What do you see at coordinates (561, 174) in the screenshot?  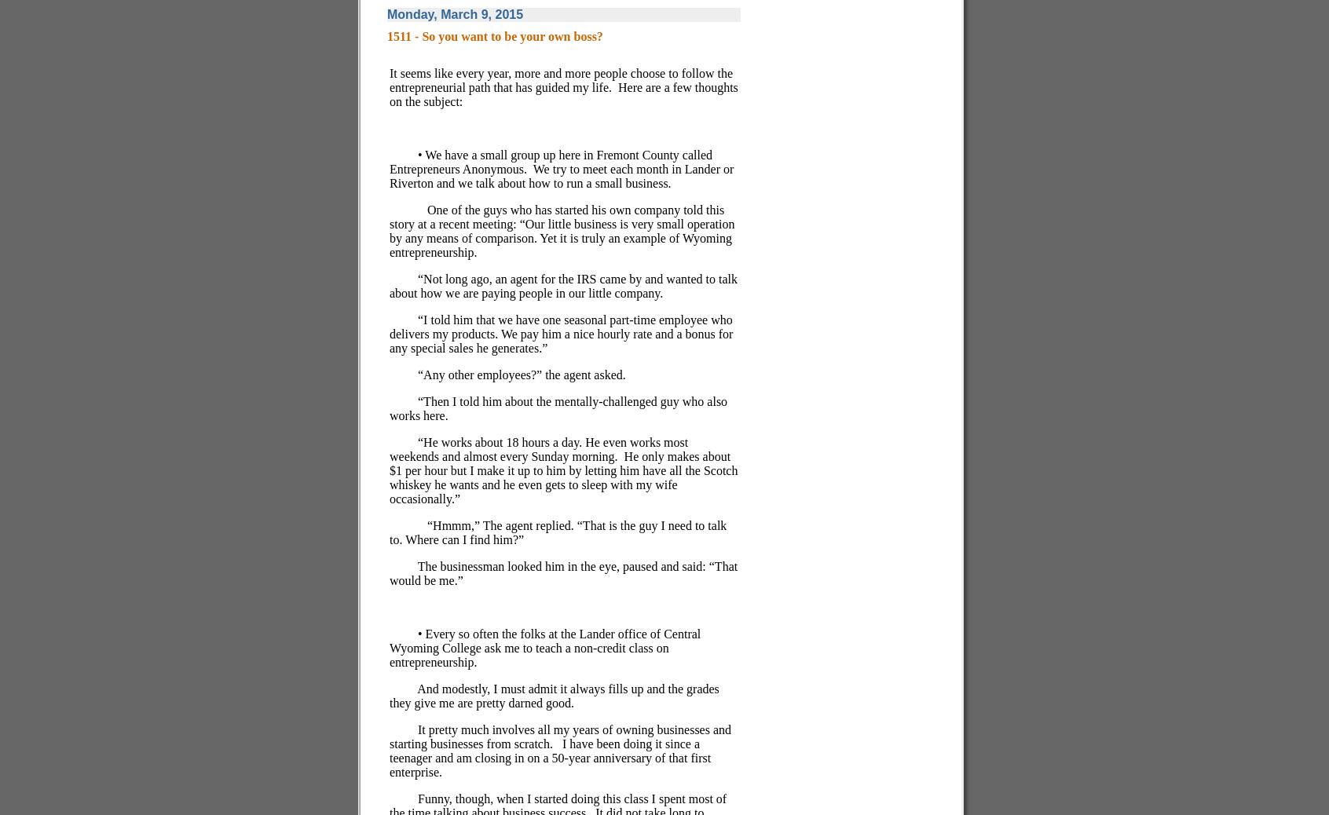 I see `'We try to meet each month in Lander or
Riverton and we talk about how to run a small business.'` at bounding box center [561, 174].